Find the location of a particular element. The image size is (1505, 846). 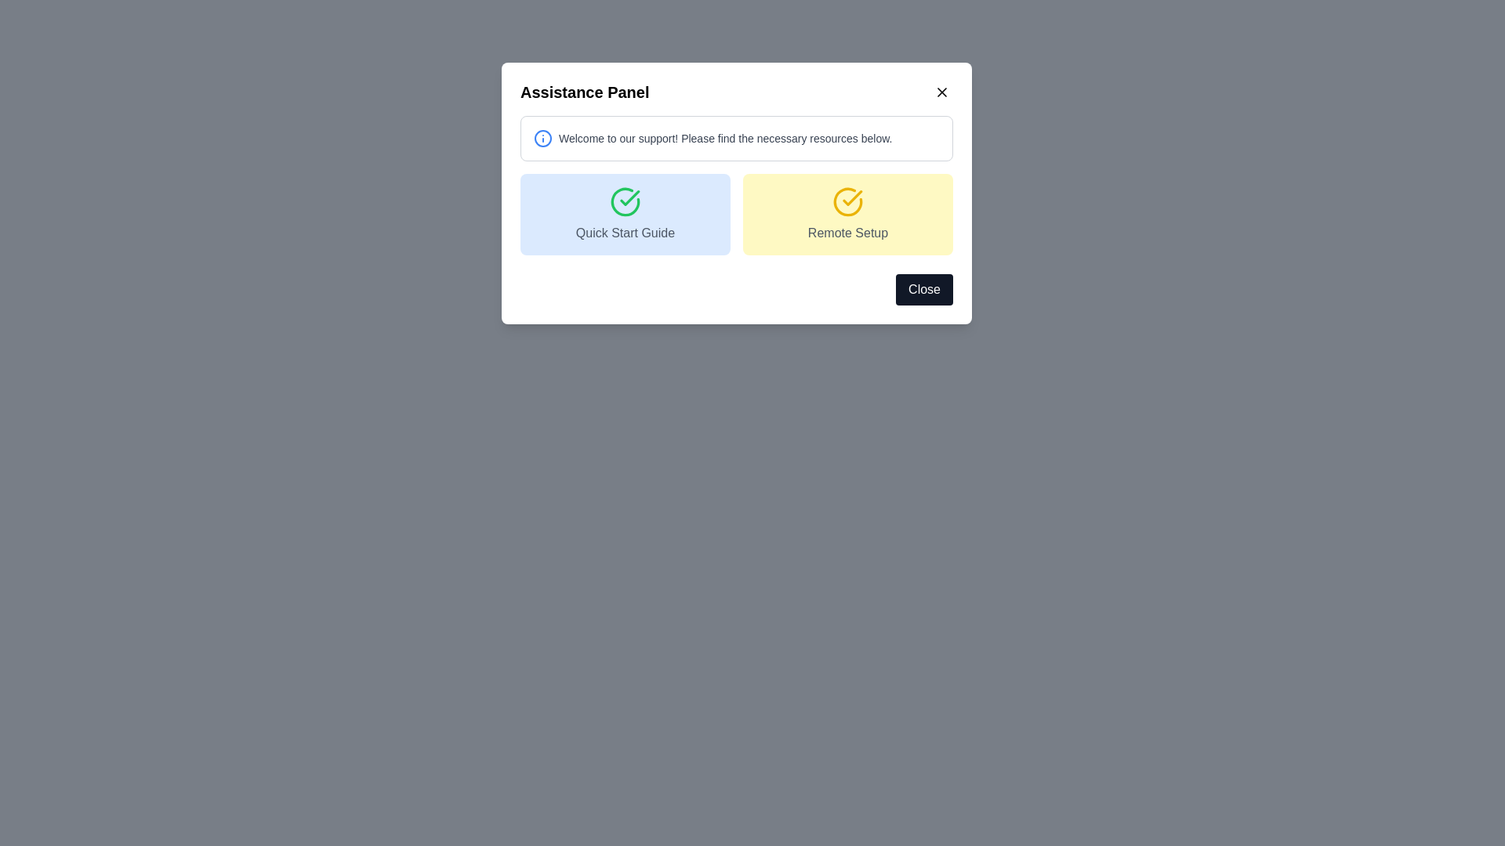

the 'X' button in the upper-right corner of the 'Assistance Panel' is located at coordinates (941, 92).